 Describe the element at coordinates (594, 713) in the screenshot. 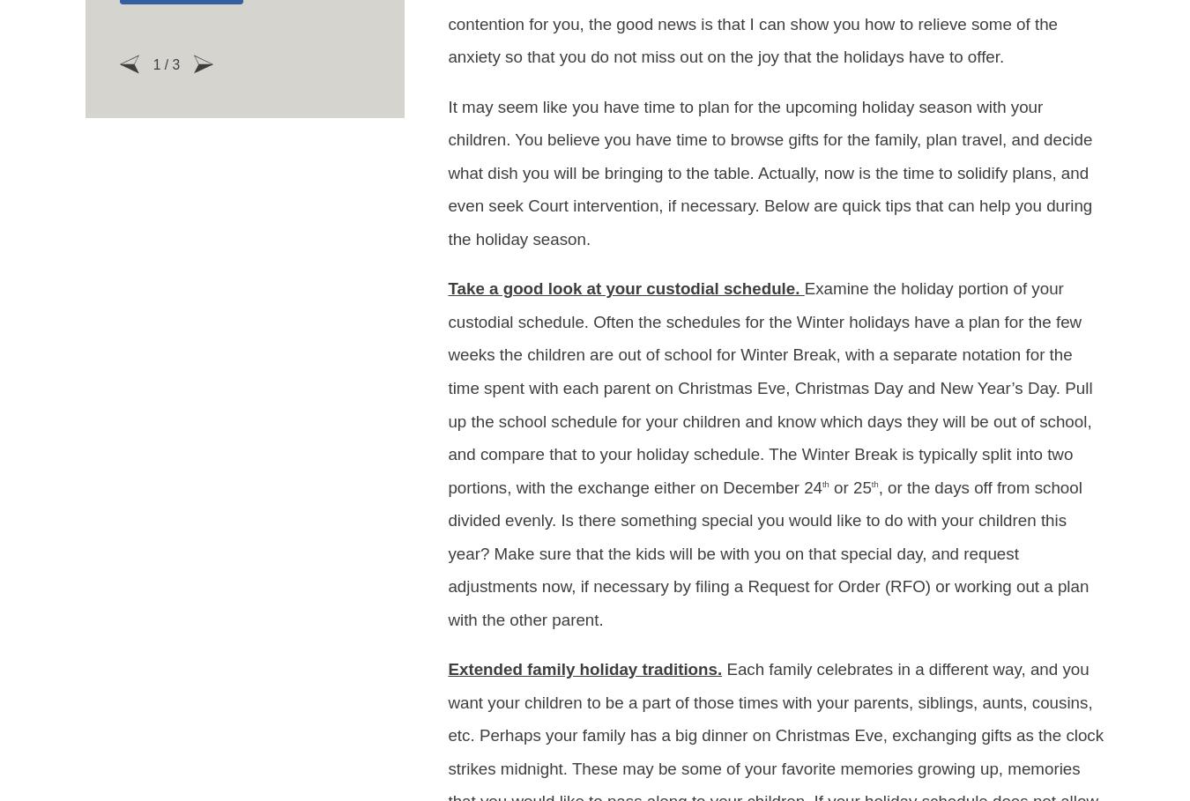

I see `'951-783-3335'` at that location.